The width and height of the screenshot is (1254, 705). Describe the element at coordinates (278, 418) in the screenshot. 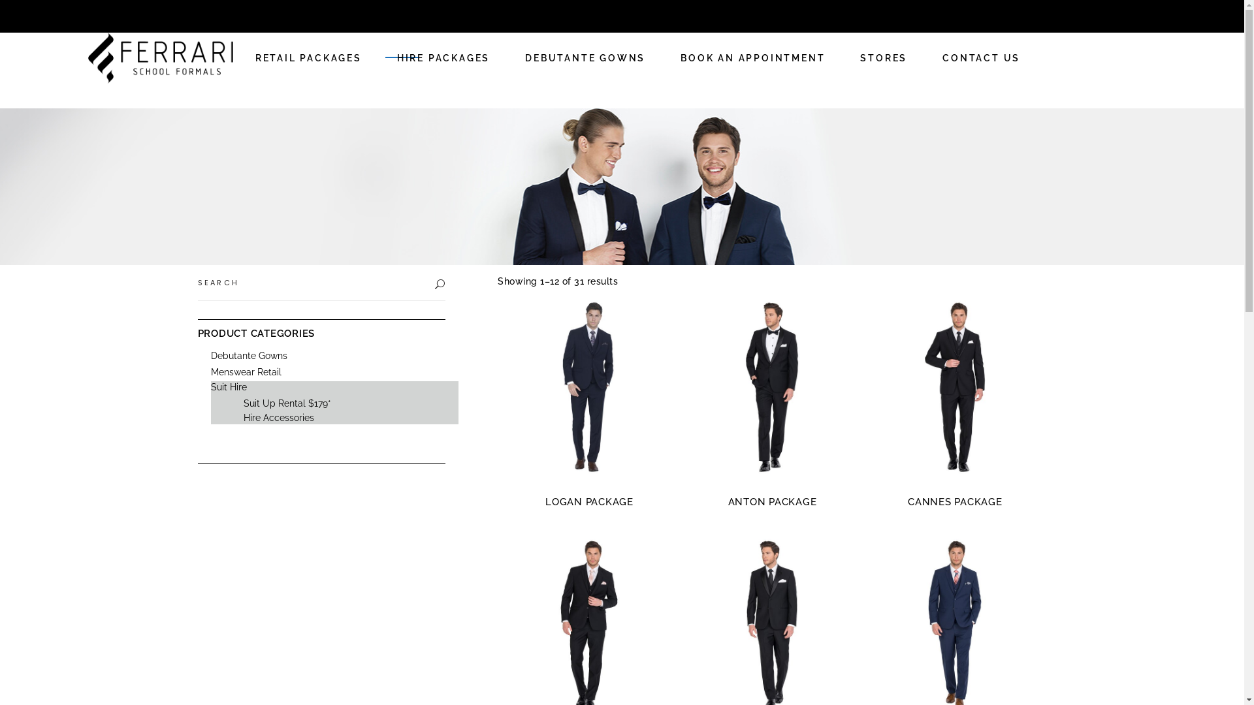

I see `'Hire Accessories'` at that location.